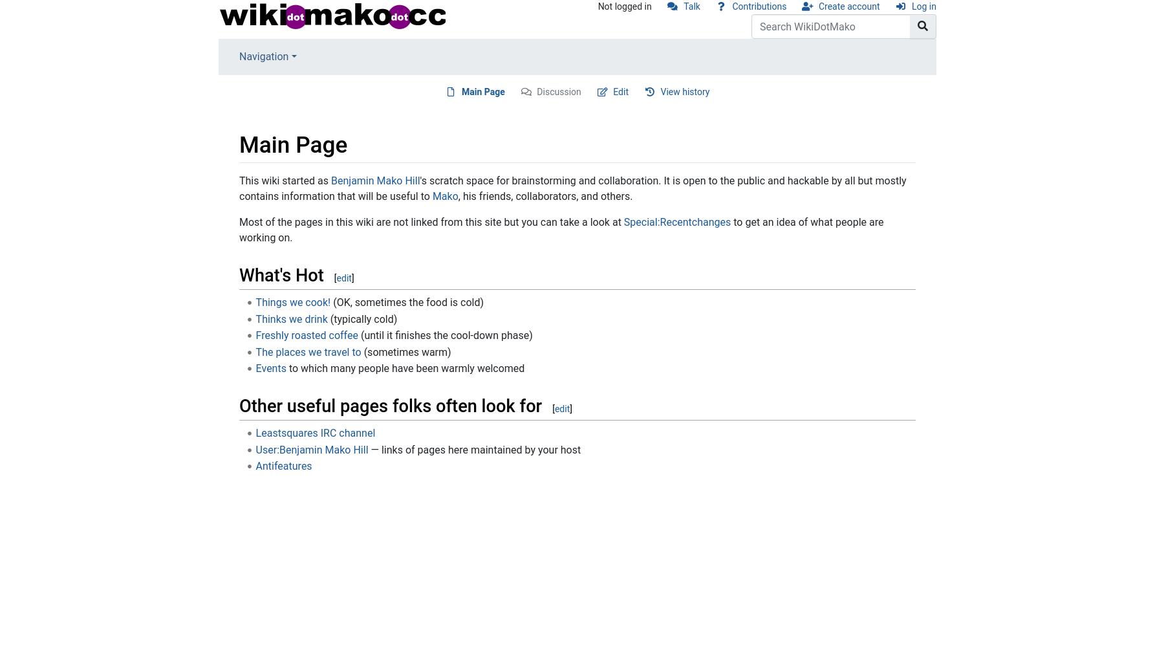 This screenshot has width=1155, height=647. Describe the element at coordinates (270, 367) in the screenshot. I see `'Events'` at that location.